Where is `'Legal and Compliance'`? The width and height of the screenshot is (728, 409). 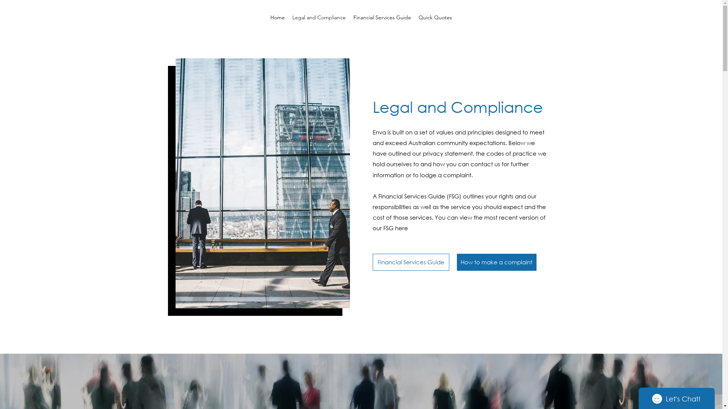
'Legal and Compliance' is located at coordinates (288, 17).